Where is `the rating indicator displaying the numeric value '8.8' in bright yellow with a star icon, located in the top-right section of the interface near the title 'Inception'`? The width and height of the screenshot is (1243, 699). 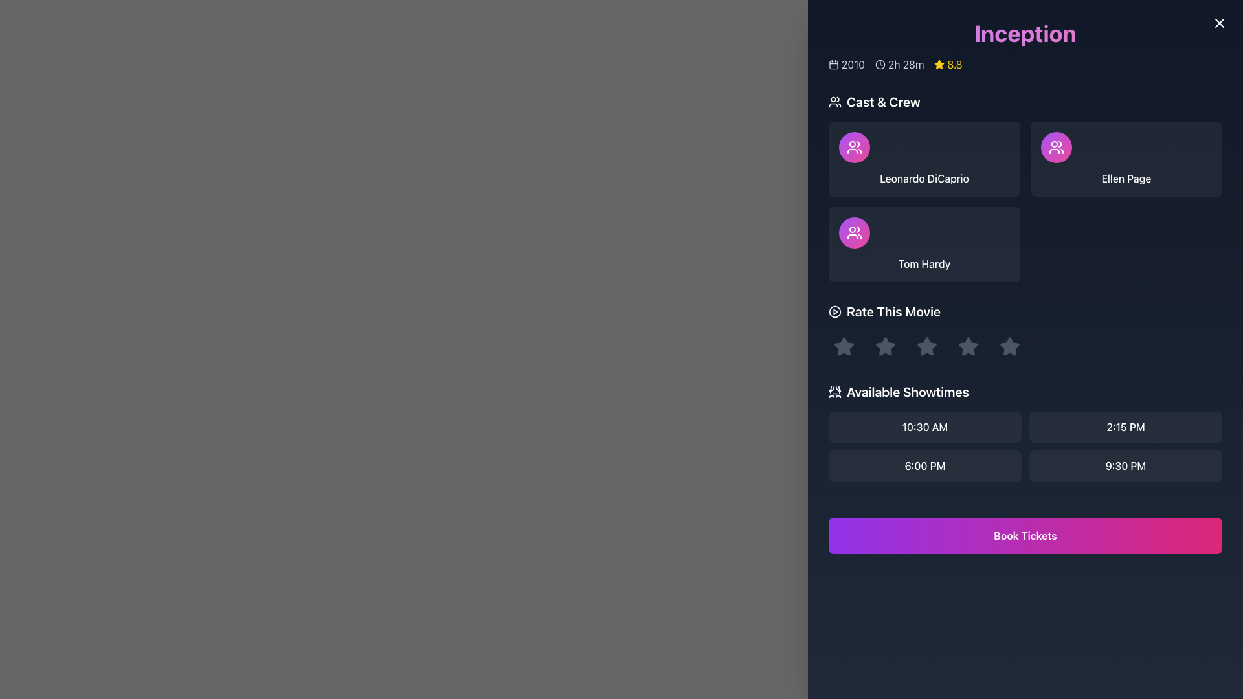
the rating indicator displaying the numeric value '8.8' in bright yellow with a star icon, located in the top-right section of the interface near the title 'Inception' is located at coordinates (948, 65).